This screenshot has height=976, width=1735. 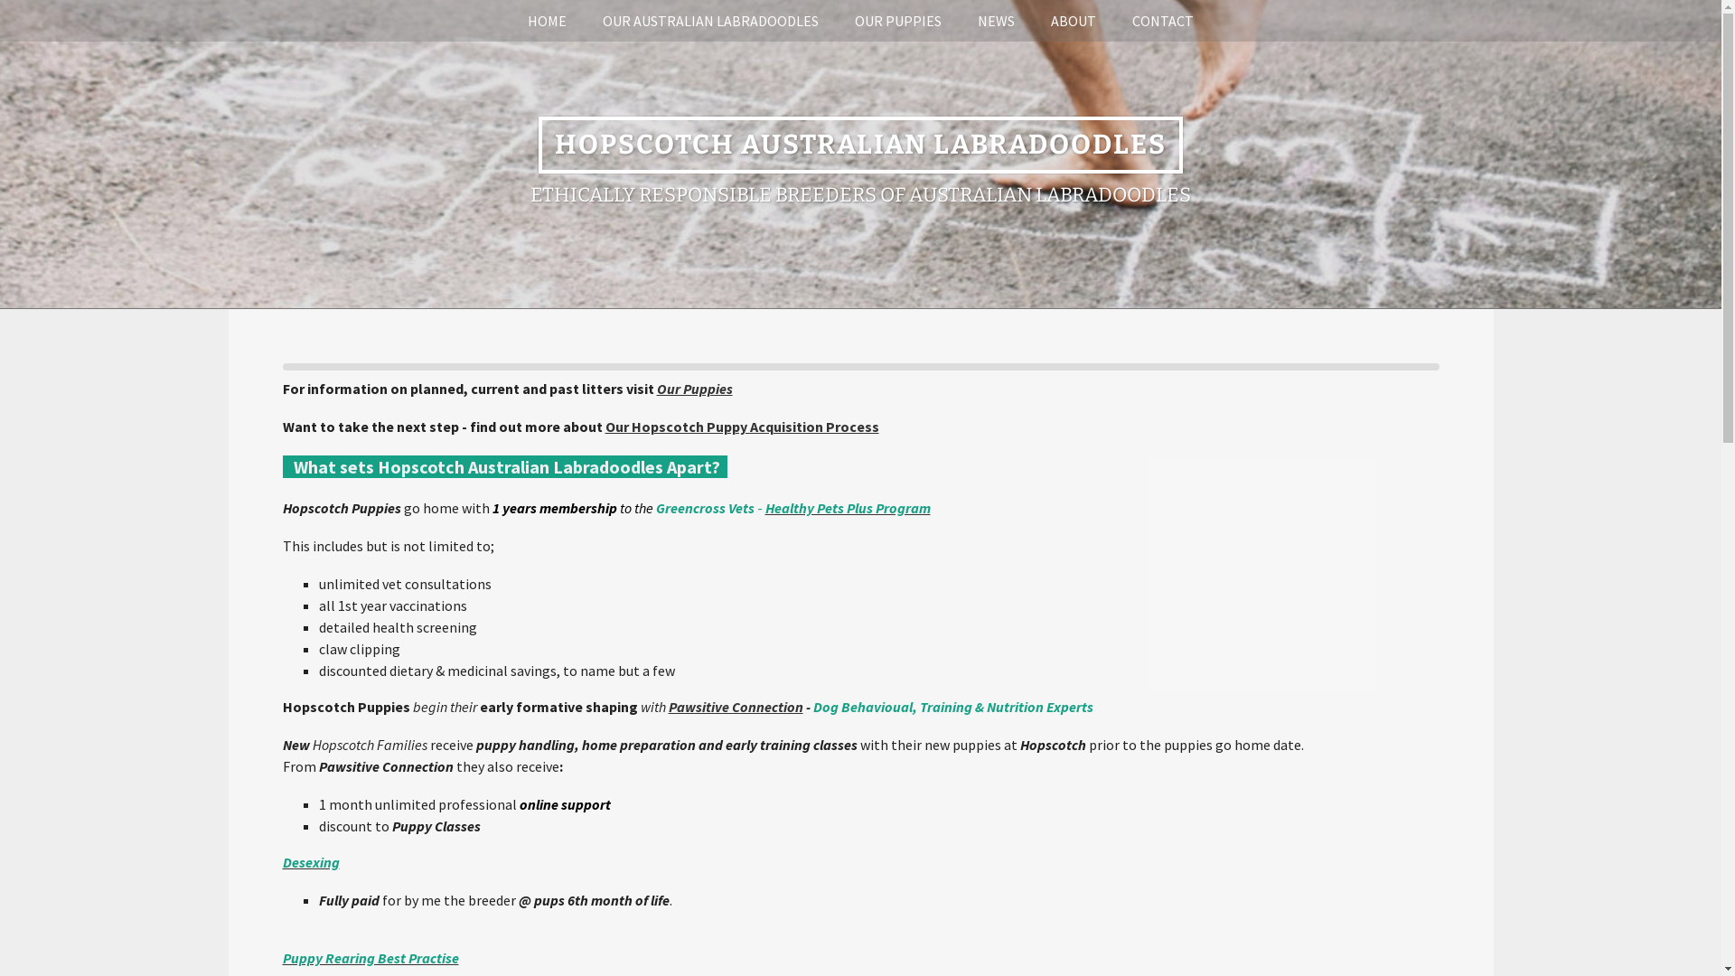 What do you see at coordinates (281, 957) in the screenshot?
I see `'Puppy Rearing Best Practise'` at bounding box center [281, 957].